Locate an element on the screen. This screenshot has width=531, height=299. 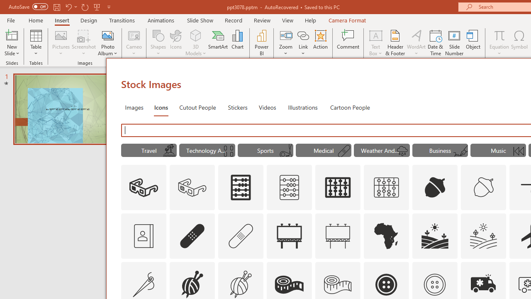
'Cartoon People' is located at coordinates (350, 107).